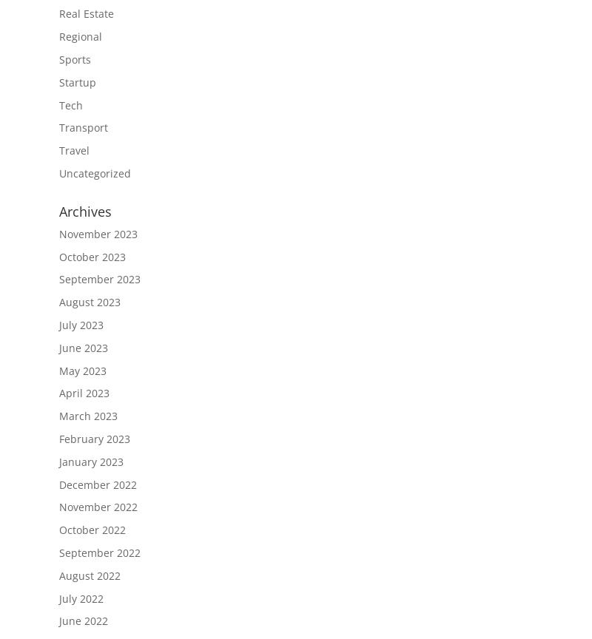 This screenshot has width=592, height=639. Describe the element at coordinates (59, 574) in the screenshot. I see `'August 2022'` at that location.